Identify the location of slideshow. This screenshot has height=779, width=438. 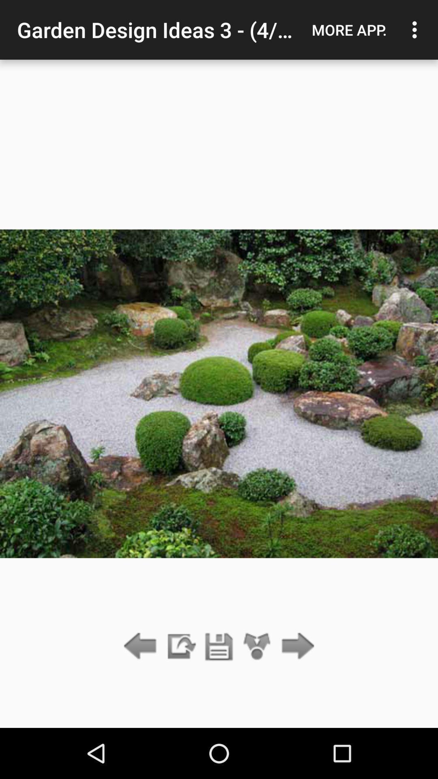
(180, 646).